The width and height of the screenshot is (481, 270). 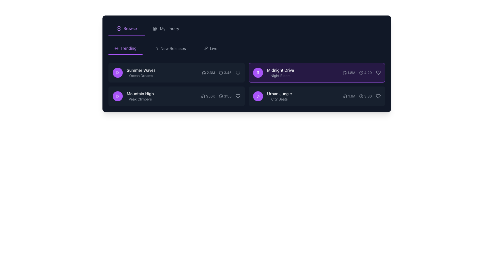 I want to click on the tooltip of the auditory icon located beside the title 'Midnight Drive' in the track metadata, so click(x=344, y=72).